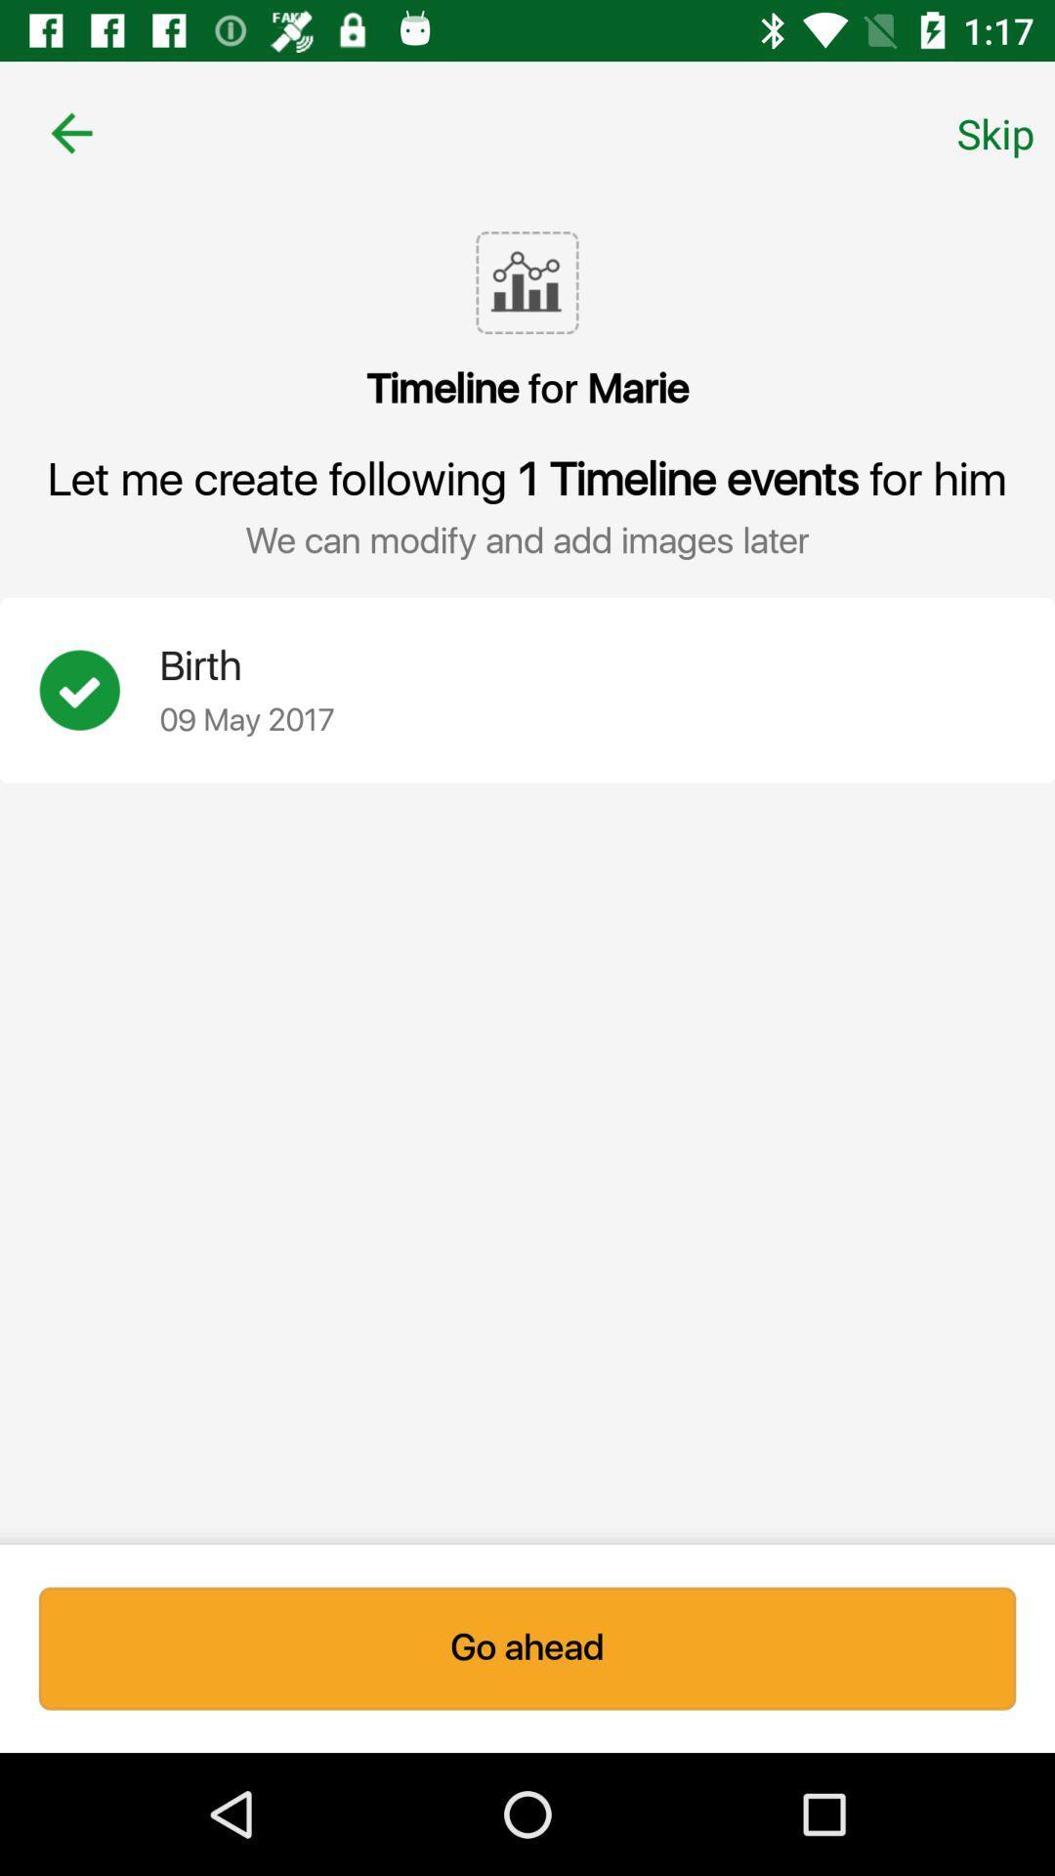 Image resolution: width=1055 pixels, height=1876 pixels. I want to click on icon at the top right corner, so click(995, 132).